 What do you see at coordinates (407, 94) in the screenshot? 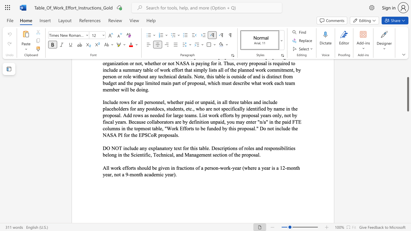
I see `the scrollbar and move down 90 pixels` at bounding box center [407, 94].